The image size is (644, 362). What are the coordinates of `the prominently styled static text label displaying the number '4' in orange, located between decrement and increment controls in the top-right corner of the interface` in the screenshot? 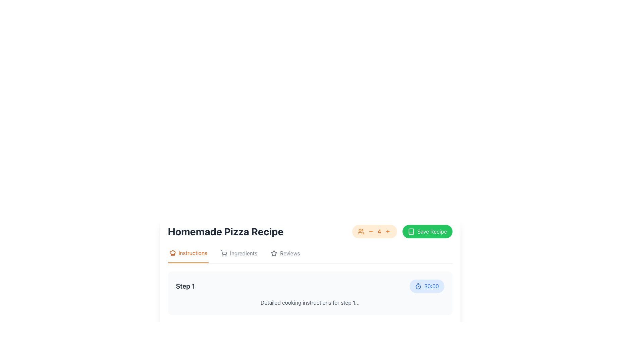 It's located at (379, 231).